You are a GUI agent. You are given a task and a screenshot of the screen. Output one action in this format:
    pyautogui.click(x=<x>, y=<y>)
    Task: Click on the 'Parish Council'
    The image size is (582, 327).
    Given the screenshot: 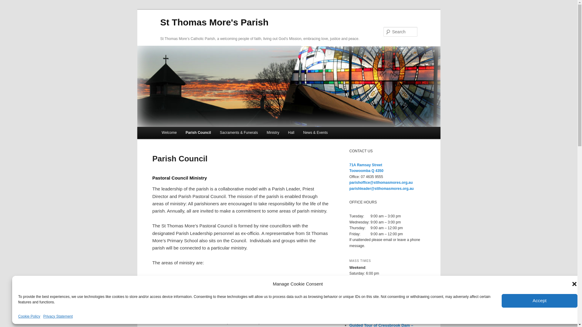 What is the action you would take?
    pyautogui.click(x=181, y=133)
    